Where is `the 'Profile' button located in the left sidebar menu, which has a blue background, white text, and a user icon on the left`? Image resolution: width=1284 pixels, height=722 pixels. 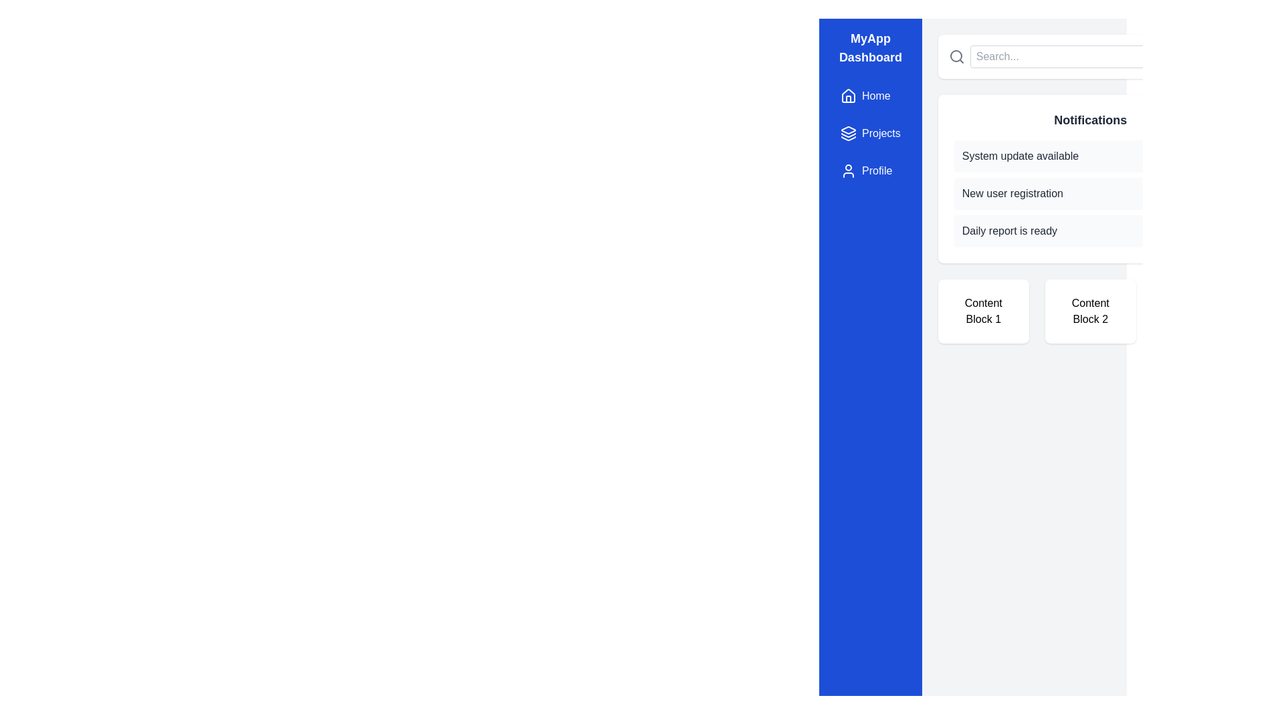
the 'Profile' button located in the left sidebar menu, which has a blue background, white text, and a user icon on the left is located at coordinates (866, 170).